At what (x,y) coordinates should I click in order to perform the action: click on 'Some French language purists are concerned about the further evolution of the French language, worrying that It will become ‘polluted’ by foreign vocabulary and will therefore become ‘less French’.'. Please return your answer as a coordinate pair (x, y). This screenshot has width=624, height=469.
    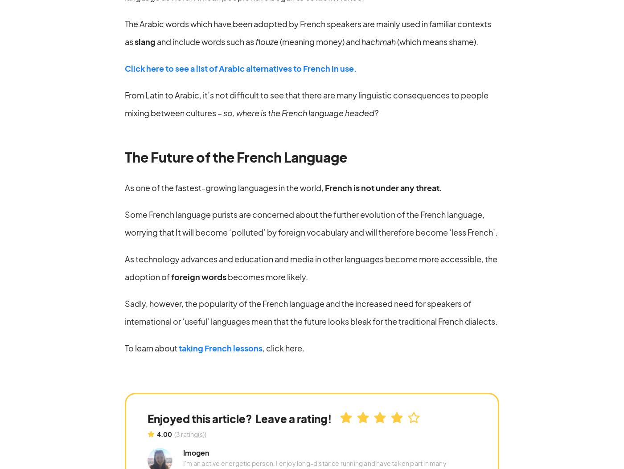
    Looking at the image, I should click on (311, 223).